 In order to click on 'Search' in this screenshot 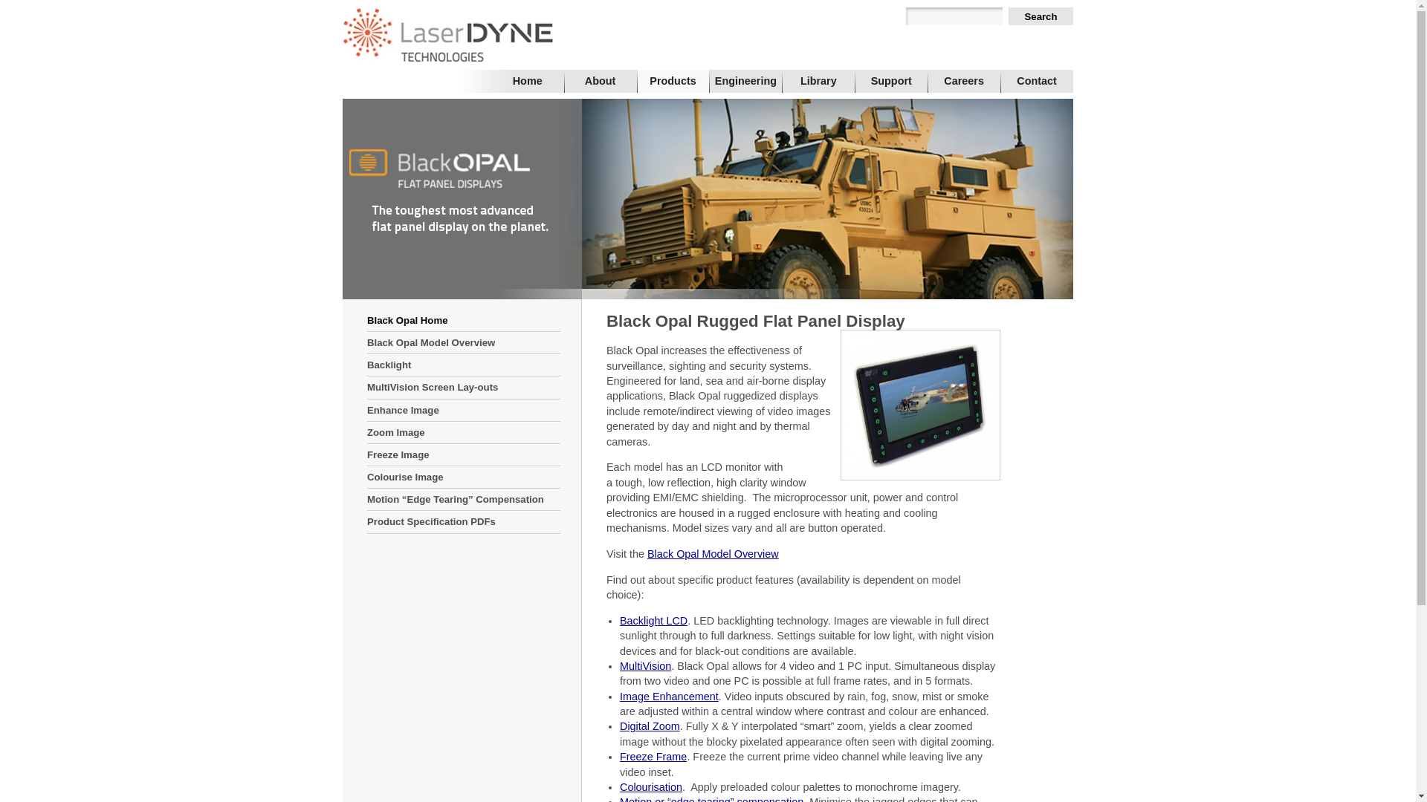, I will do `click(1040, 16)`.